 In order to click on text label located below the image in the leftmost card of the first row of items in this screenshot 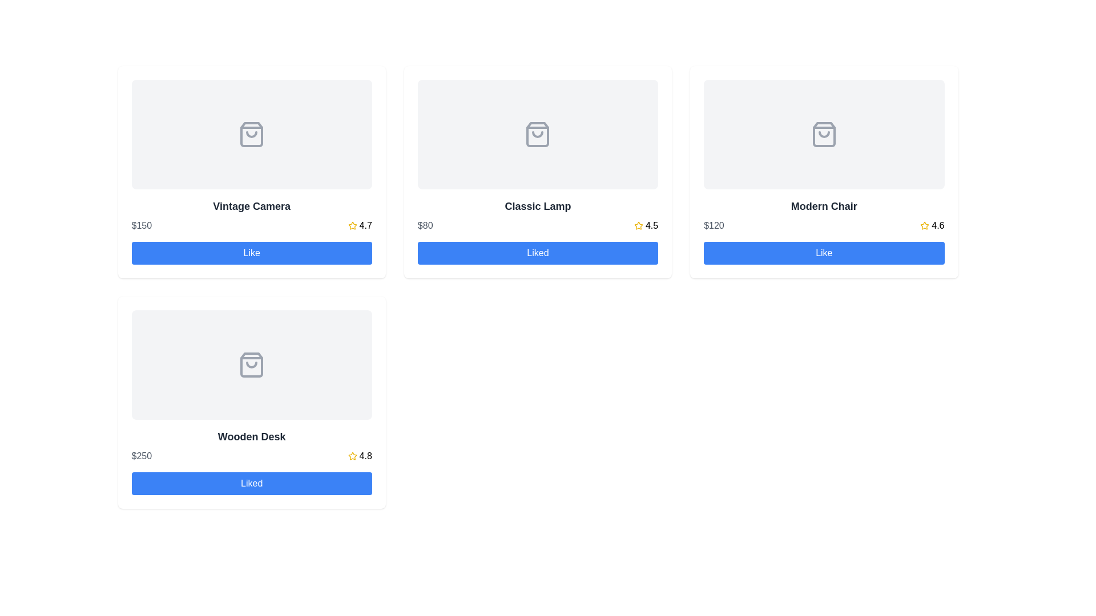, I will do `click(251, 206)`.